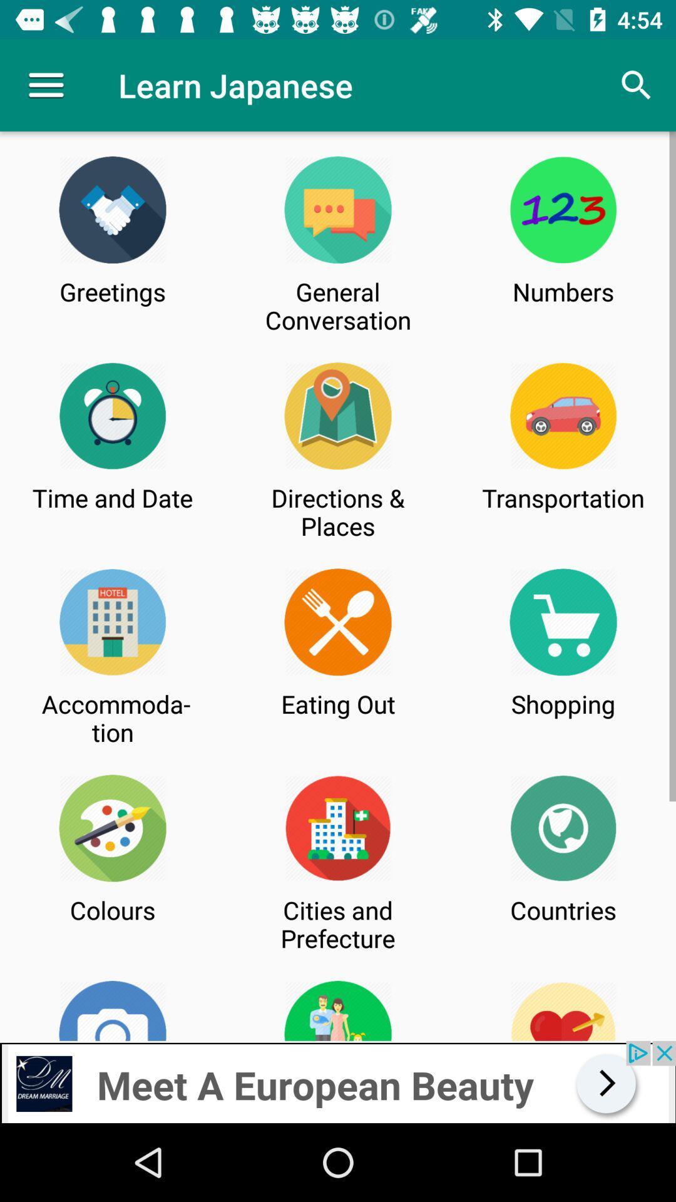 The width and height of the screenshot is (676, 1202). Describe the element at coordinates (113, 1010) in the screenshot. I see `the camera icon` at that location.